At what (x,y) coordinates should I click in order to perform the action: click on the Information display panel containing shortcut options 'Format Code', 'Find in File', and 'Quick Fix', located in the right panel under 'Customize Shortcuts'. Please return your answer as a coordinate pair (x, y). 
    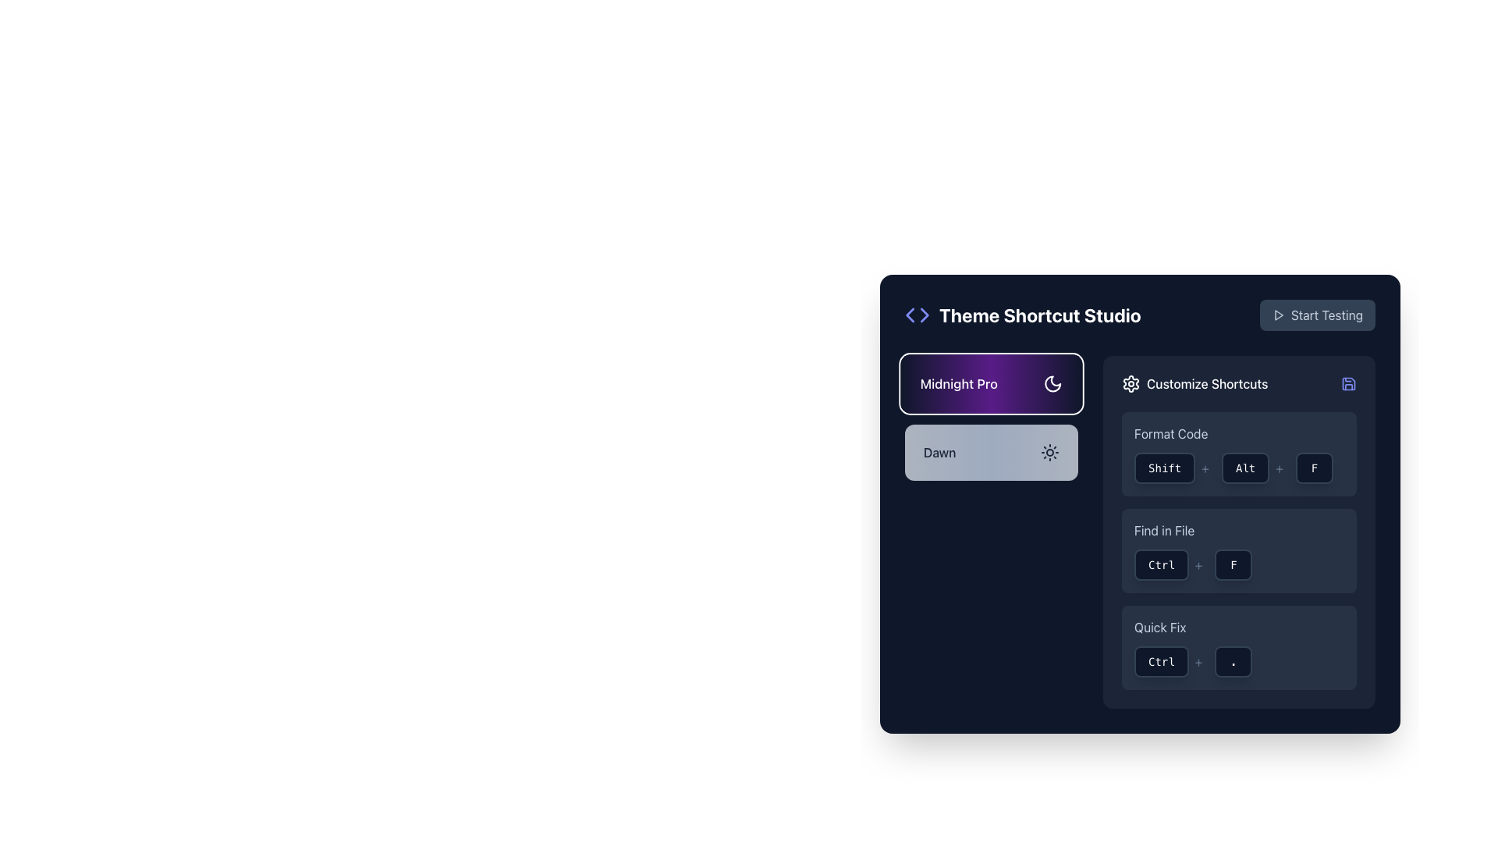
    Looking at the image, I should click on (1238, 532).